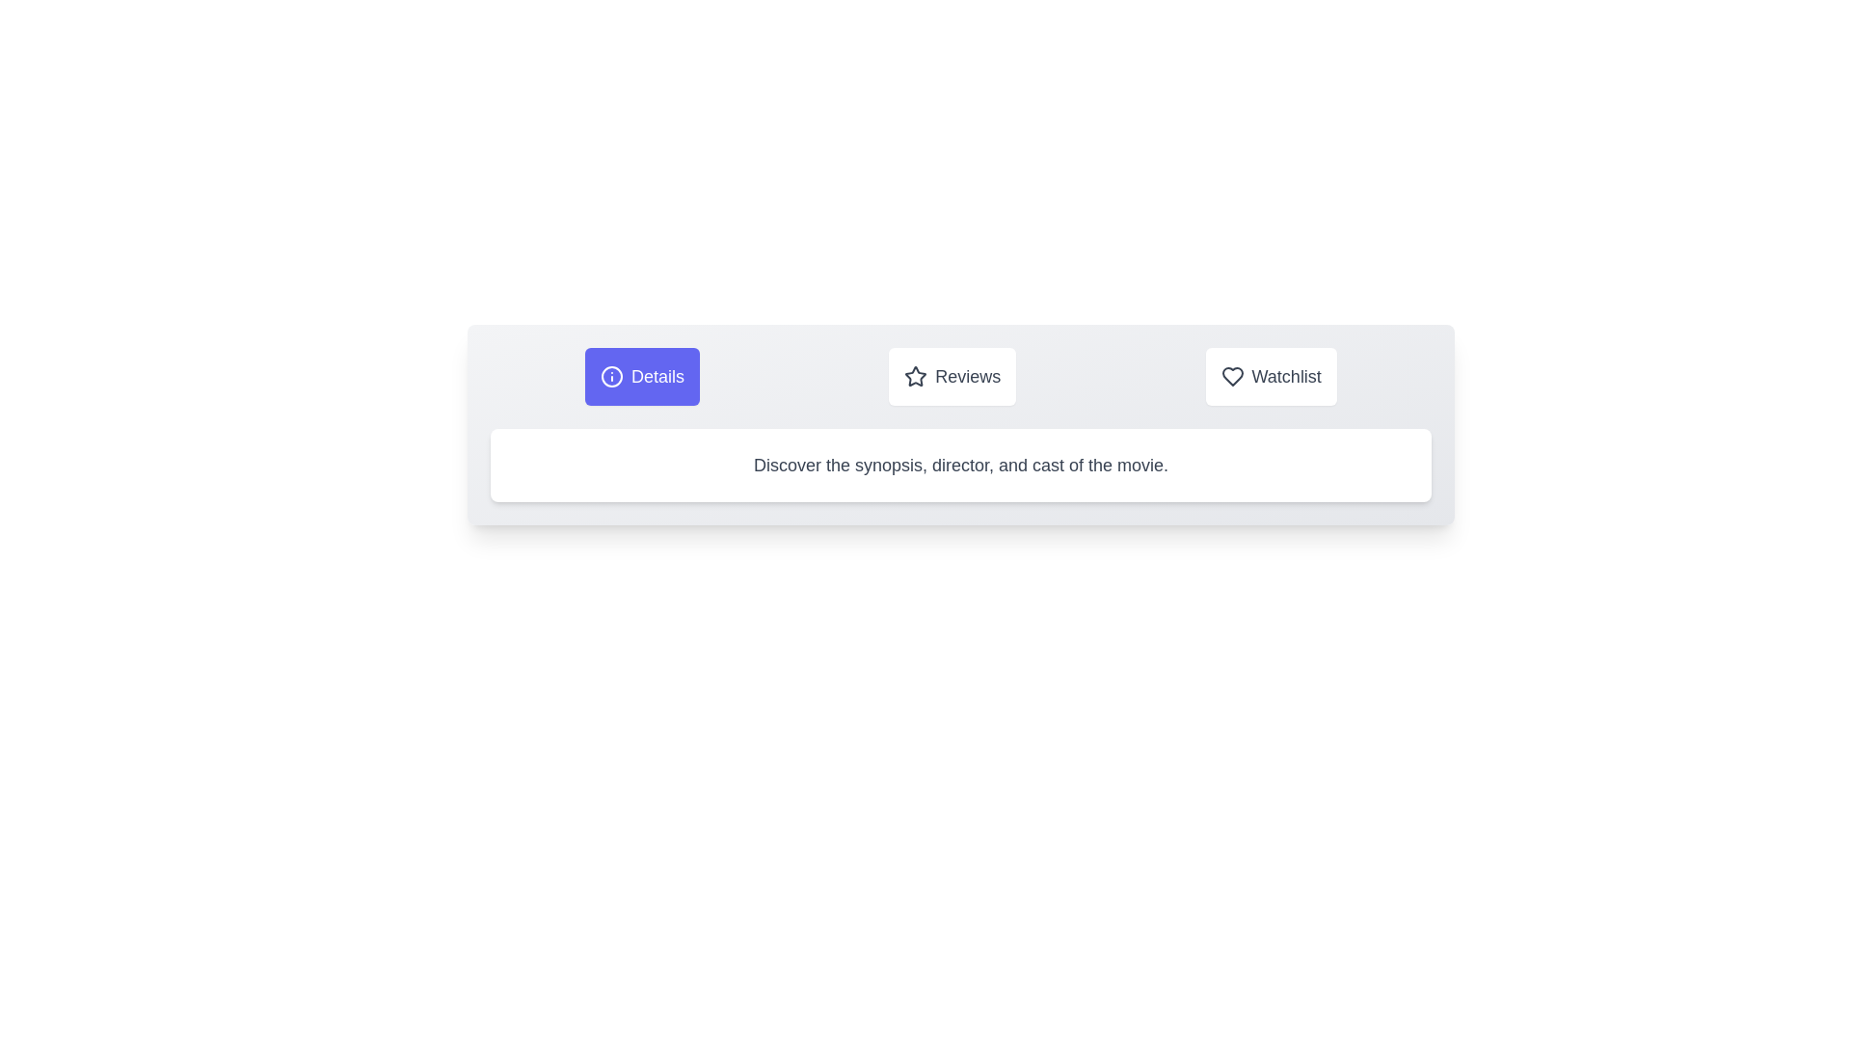  What do you see at coordinates (915, 376) in the screenshot?
I see `the icon associated with the Reviews tab` at bounding box center [915, 376].